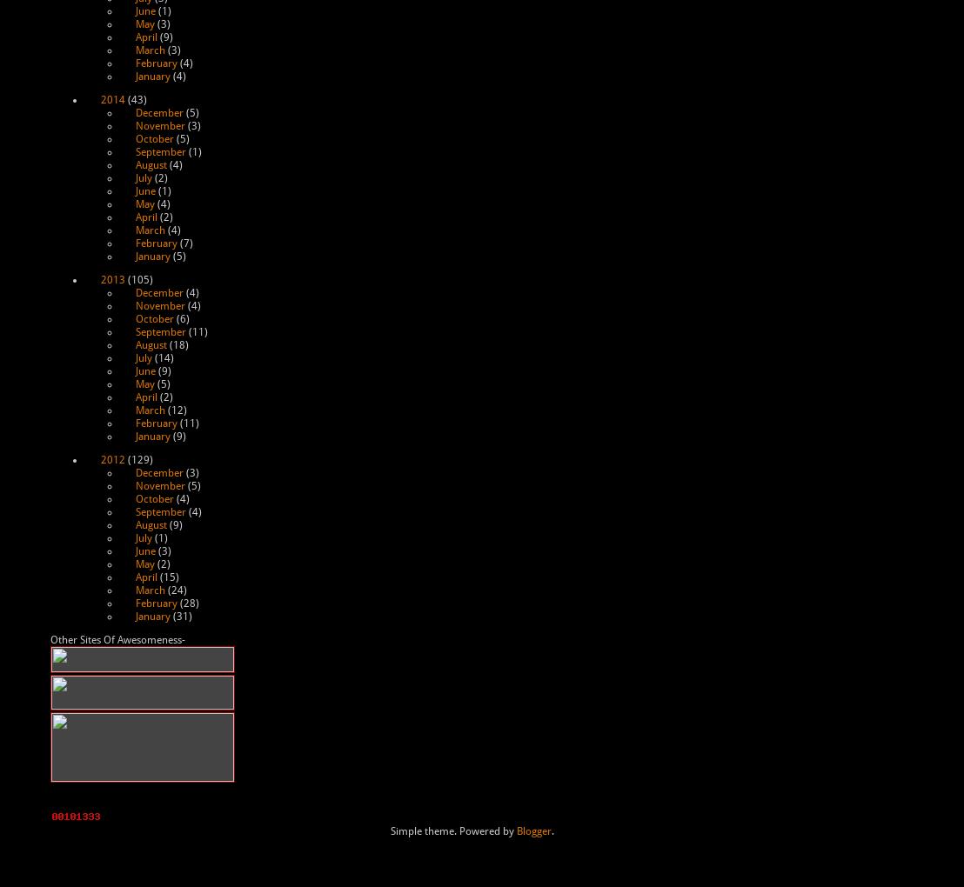 Image resolution: width=964 pixels, height=887 pixels. Describe the element at coordinates (138, 280) in the screenshot. I see `'(105)'` at that location.